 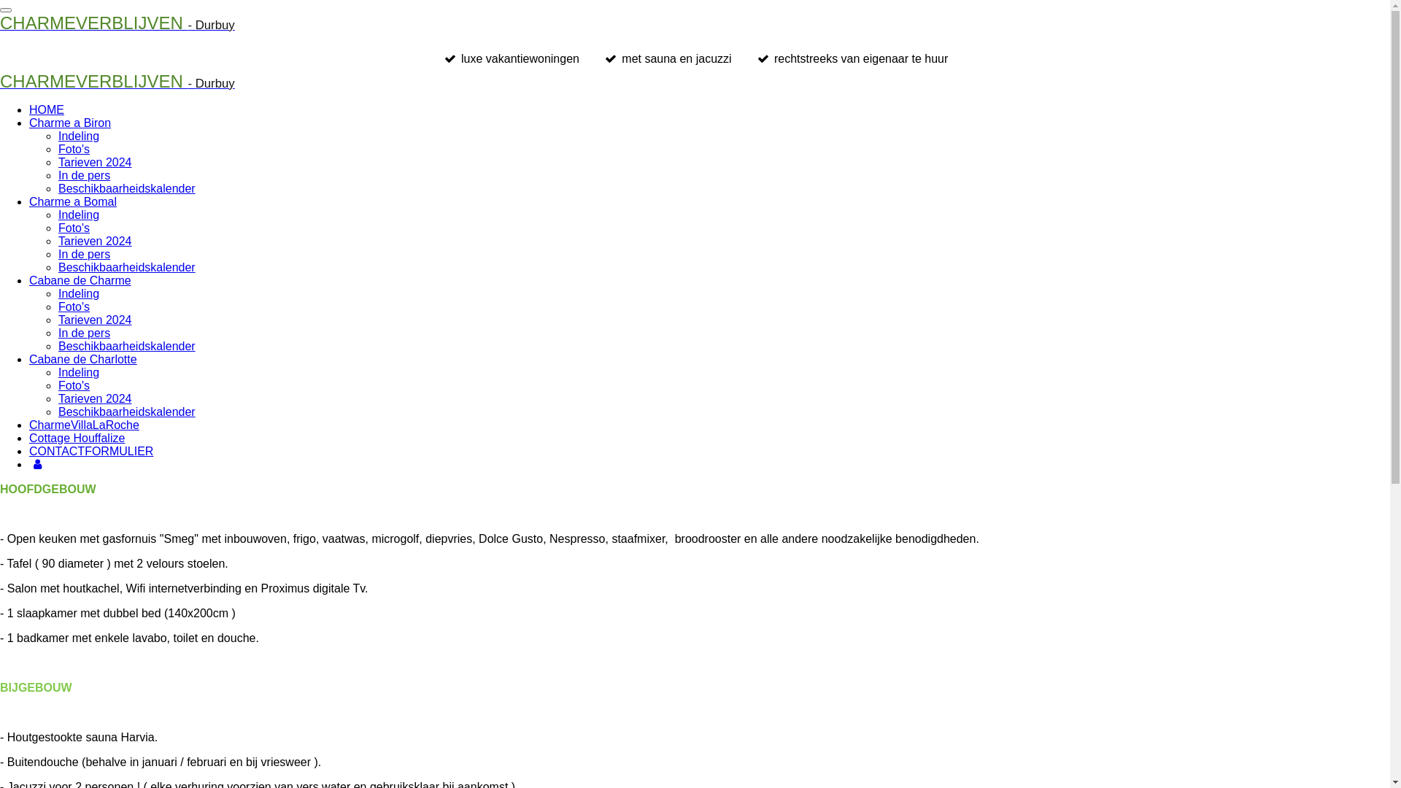 What do you see at coordinates (58, 412) in the screenshot?
I see `'Beschikbaarheidskalender'` at bounding box center [58, 412].